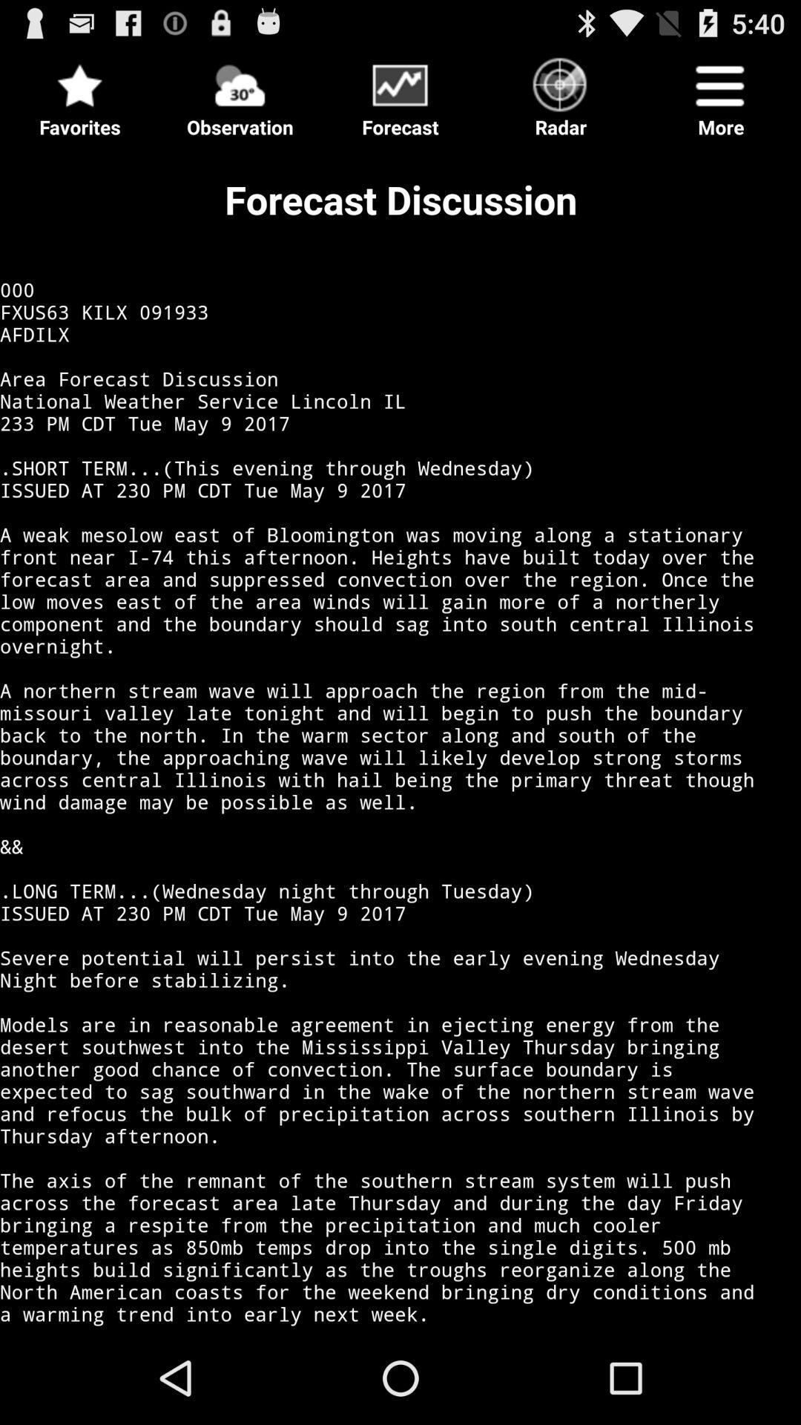 This screenshot has width=801, height=1425. I want to click on forecast button, so click(400, 92).